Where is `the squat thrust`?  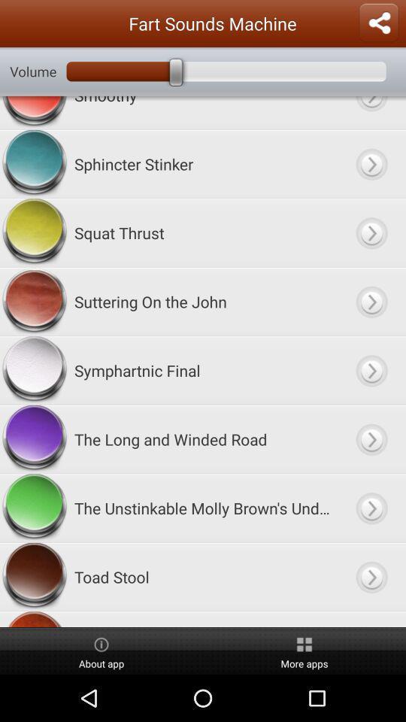 the squat thrust is located at coordinates (202, 232).